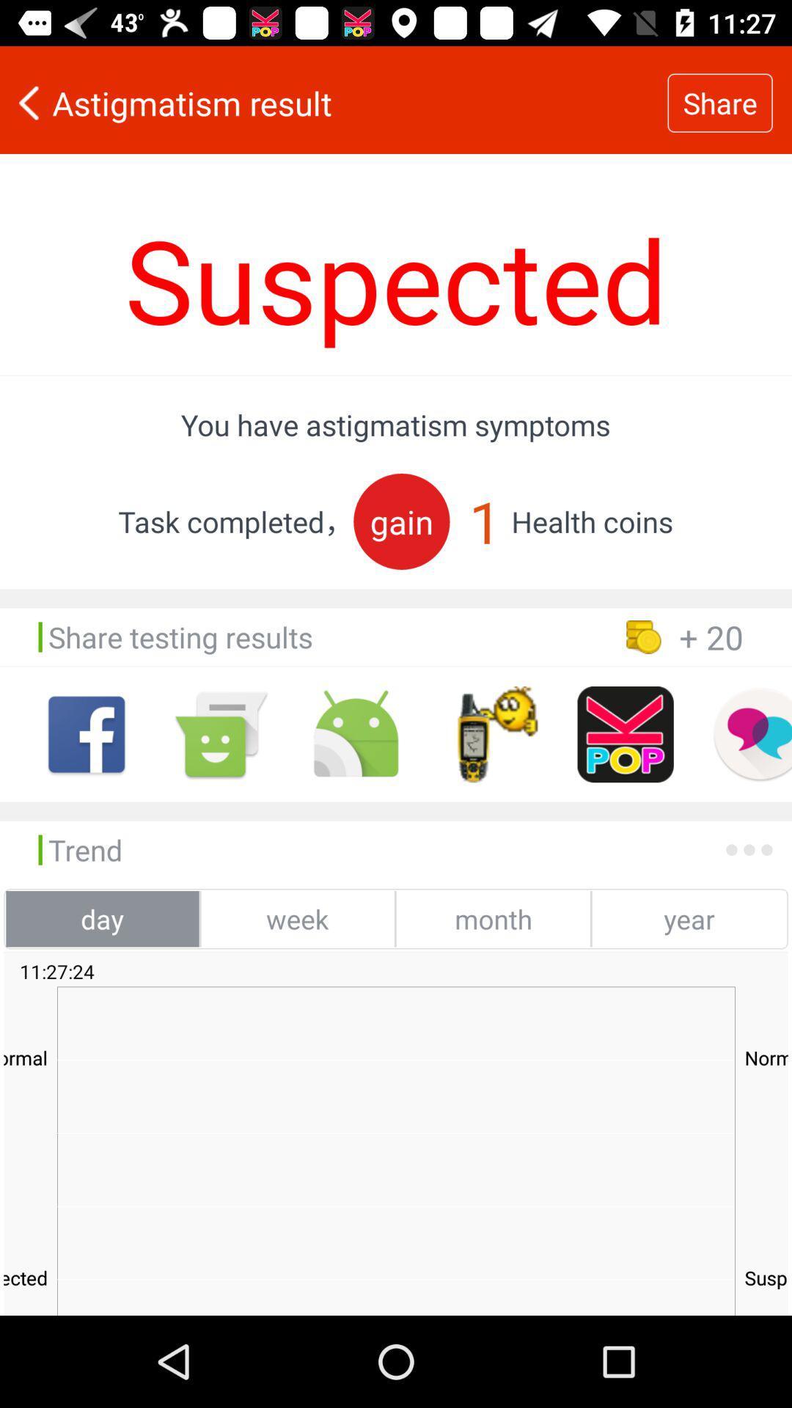 This screenshot has height=1408, width=792. What do you see at coordinates (221, 734) in the screenshot?
I see `the chat icon` at bounding box center [221, 734].